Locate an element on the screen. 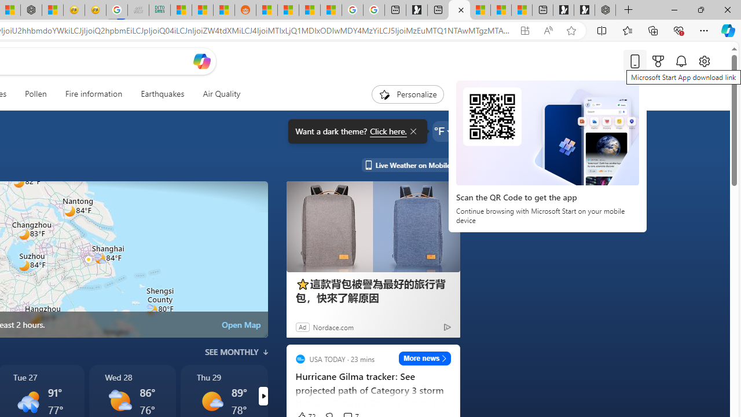 The height and width of the screenshot is (417, 741). 'Pollen' is located at coordinates (36, 94).